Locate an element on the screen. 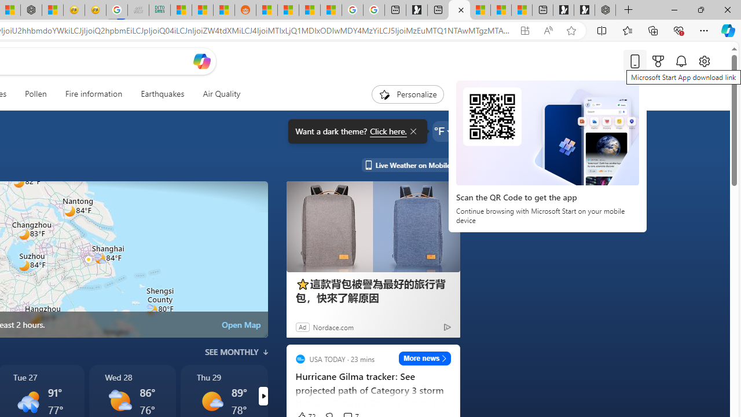 The height and width of the screenshot is (417, 741). 'Pollen' is located at coordinates (36, 94).